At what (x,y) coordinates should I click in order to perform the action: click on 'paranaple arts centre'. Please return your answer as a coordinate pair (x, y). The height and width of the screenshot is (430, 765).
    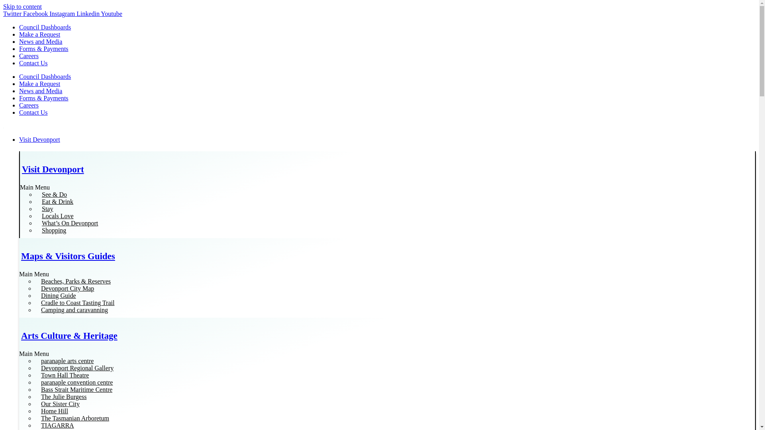
    Looking at the image, I should click on (67, 361).